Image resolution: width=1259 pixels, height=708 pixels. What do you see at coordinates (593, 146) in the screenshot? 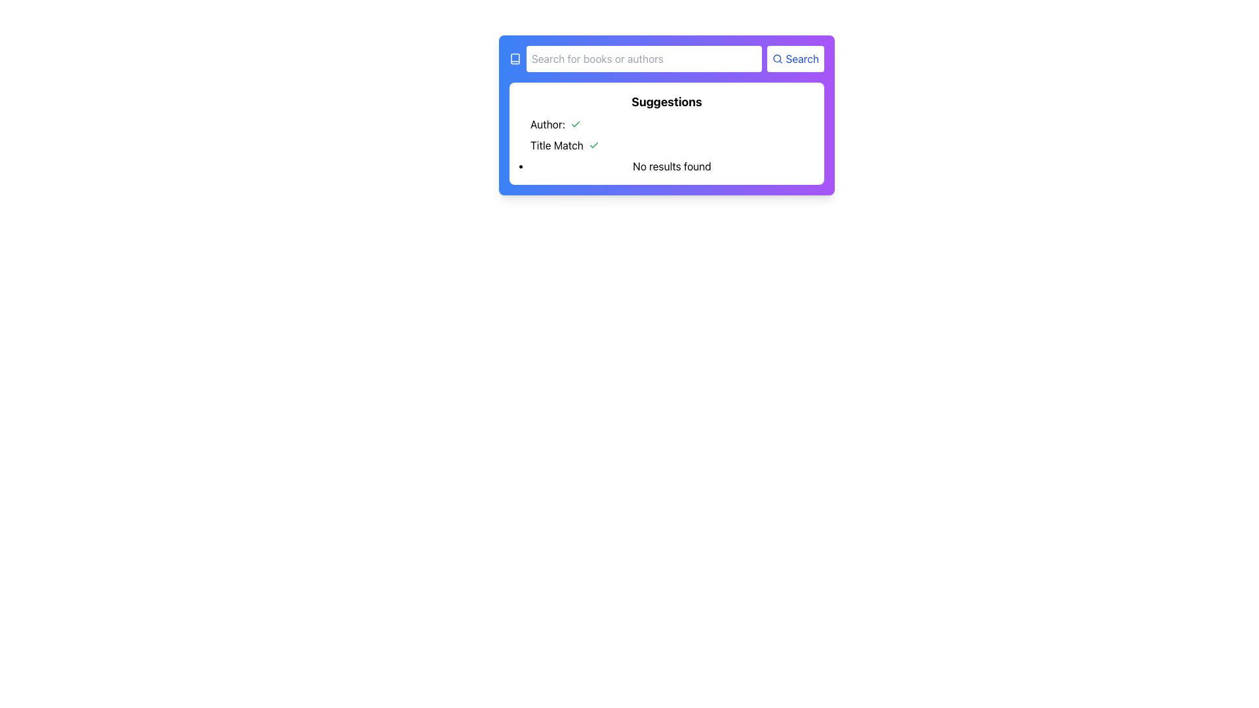
I see `the small green checkmark icon located beside the label 'Author:' in the suggestions section for visual information` at bounding box center [593, 146].